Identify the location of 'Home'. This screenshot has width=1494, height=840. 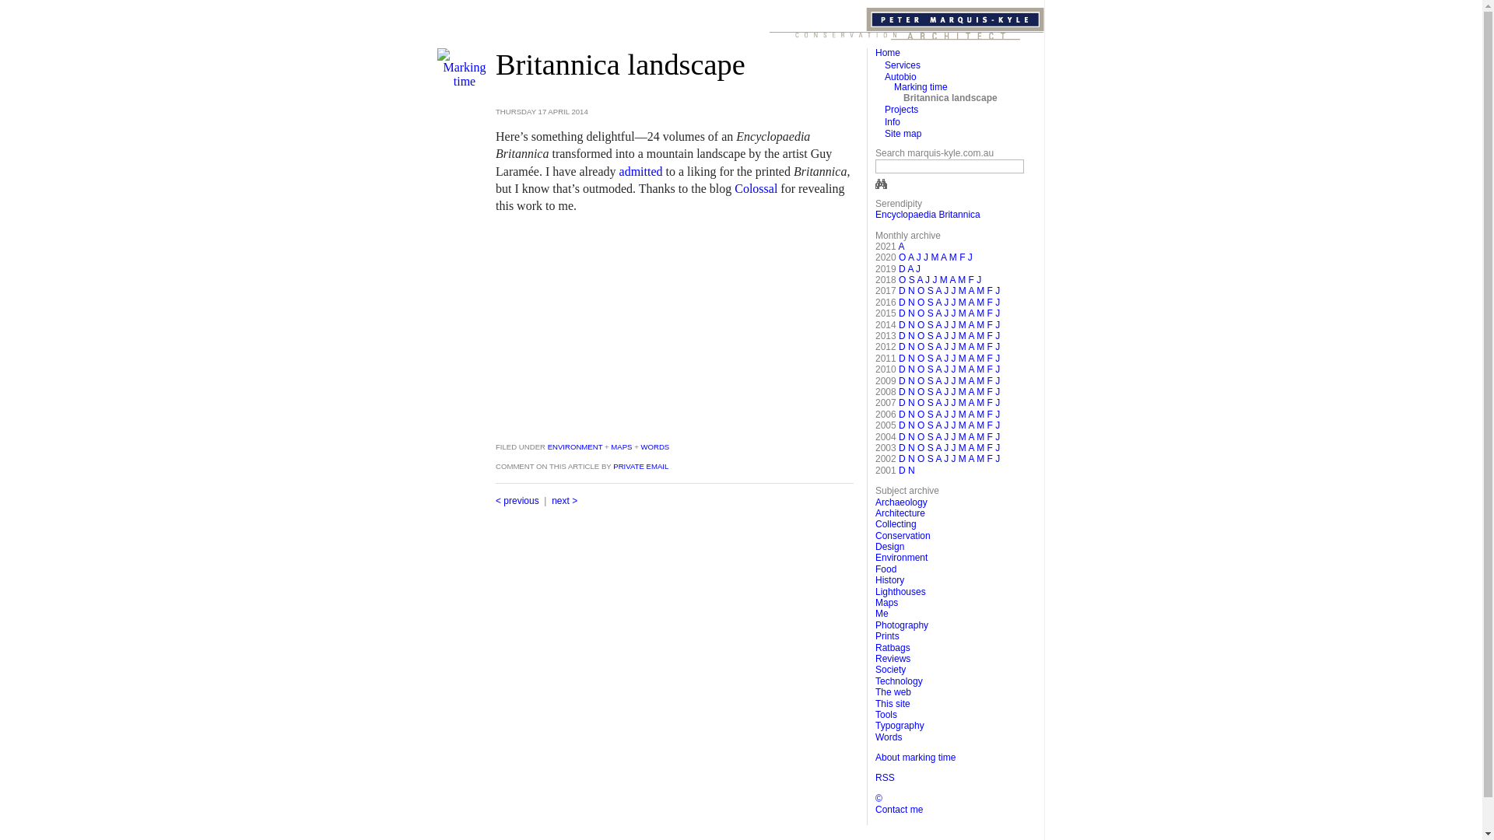
(888, 52).